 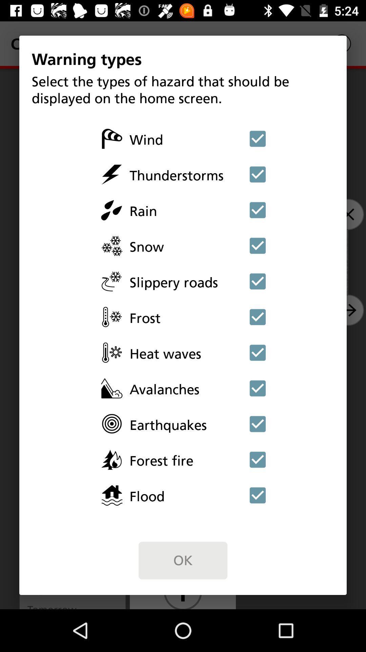 What do you see at coordinates (258, 281) in the screenshot?
I see `choose` at bounding box center [258, 281].